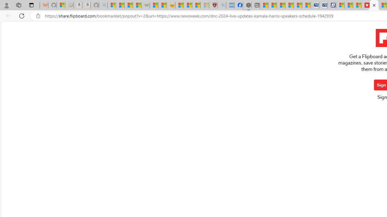 The width and height of the screenshot is (387, 217). What do you see at coordinates (137, 5) in the screenshot?
I see `'Stocks - MSN'` at bounding box center [137, 5].